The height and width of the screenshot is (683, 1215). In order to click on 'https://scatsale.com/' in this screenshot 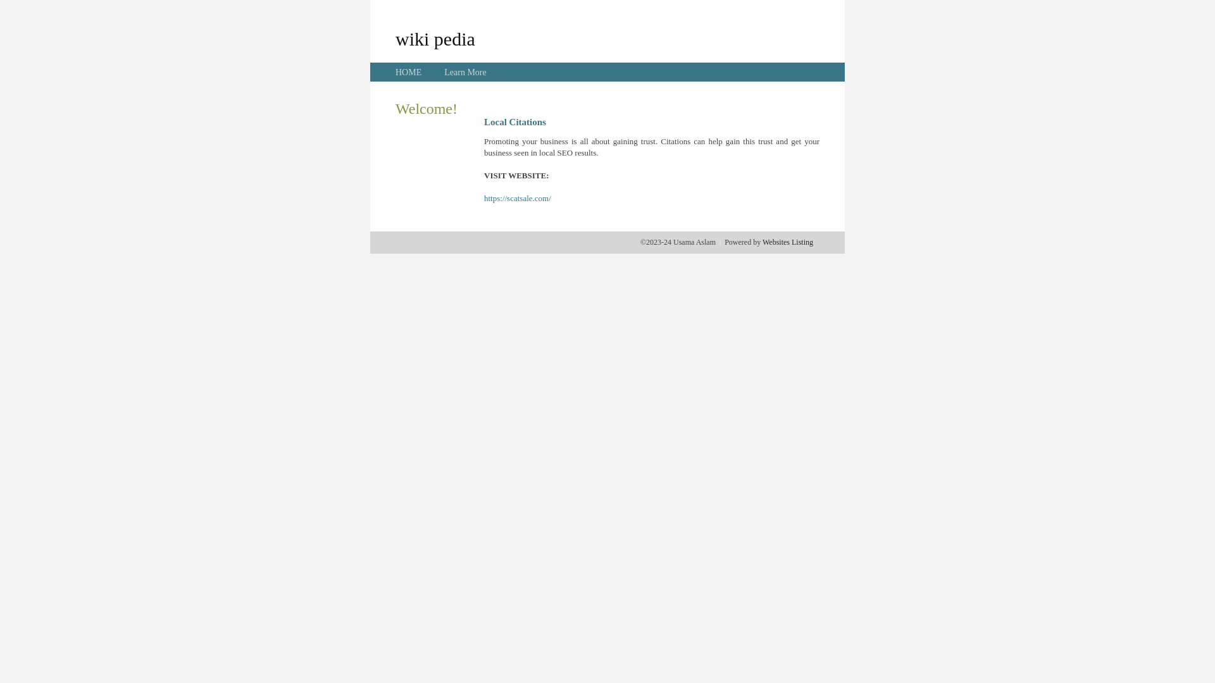, I will do `click(517, 198)`.